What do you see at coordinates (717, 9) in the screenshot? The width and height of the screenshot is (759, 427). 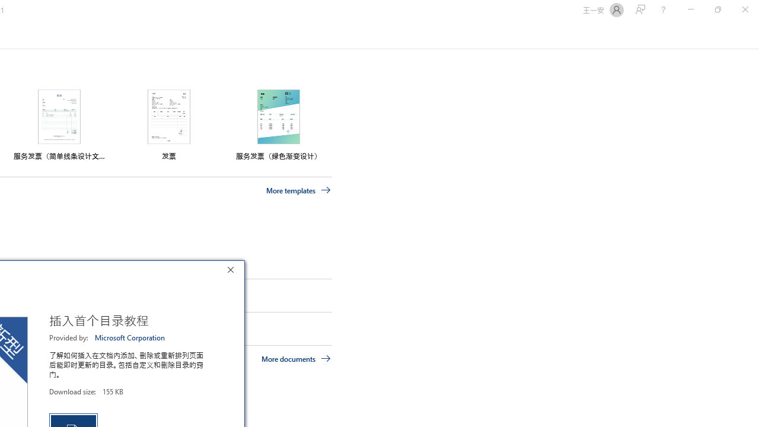 I see `'Restore Down'` at bounding box center [717, 9].